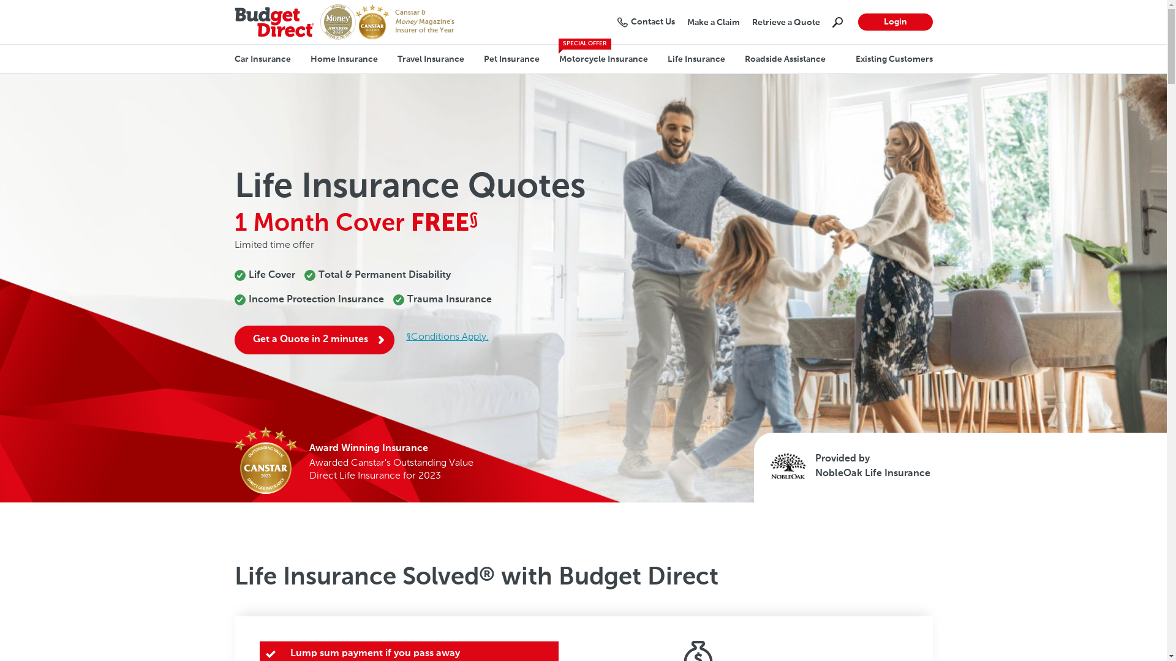 The width and height of the screenshot is (1176, 661). What do you see at coordinates (752, 23) in the screenshot?
I see `'Retrieve a Quote'` at bounding box center [752, 23].